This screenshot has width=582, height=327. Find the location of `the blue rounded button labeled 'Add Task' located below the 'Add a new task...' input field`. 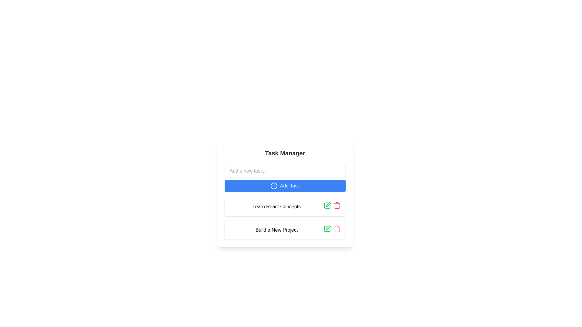

the blue rounded button labeled 'Add Task' located below the 'Add a new task...' input field is located at coordinates (285, 194).